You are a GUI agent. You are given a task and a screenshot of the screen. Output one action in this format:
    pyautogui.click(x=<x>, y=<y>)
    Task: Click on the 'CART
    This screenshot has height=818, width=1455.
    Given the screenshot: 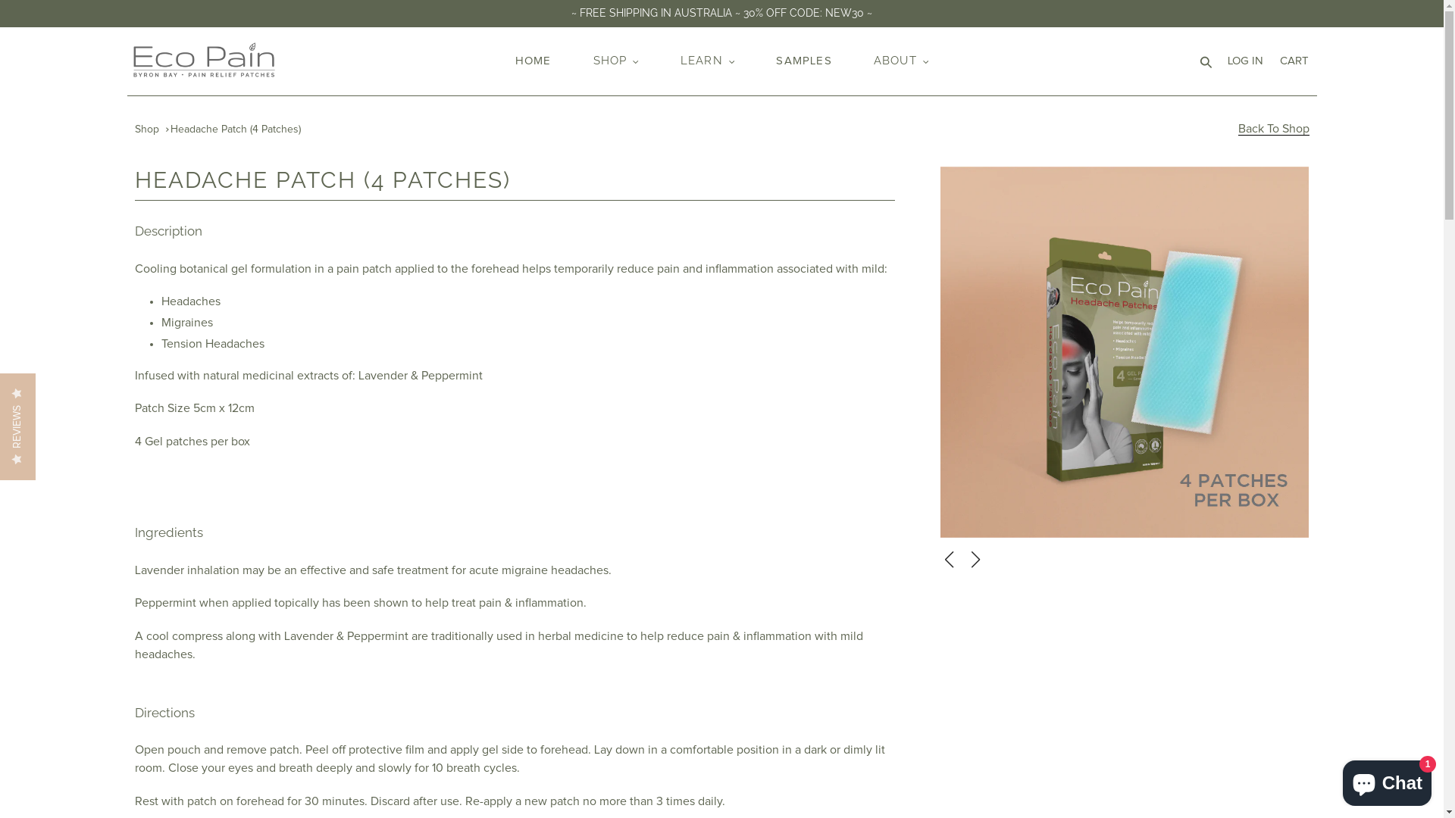 What is the action you would take?
    pyautogui.click(x=1294, y=61)
    